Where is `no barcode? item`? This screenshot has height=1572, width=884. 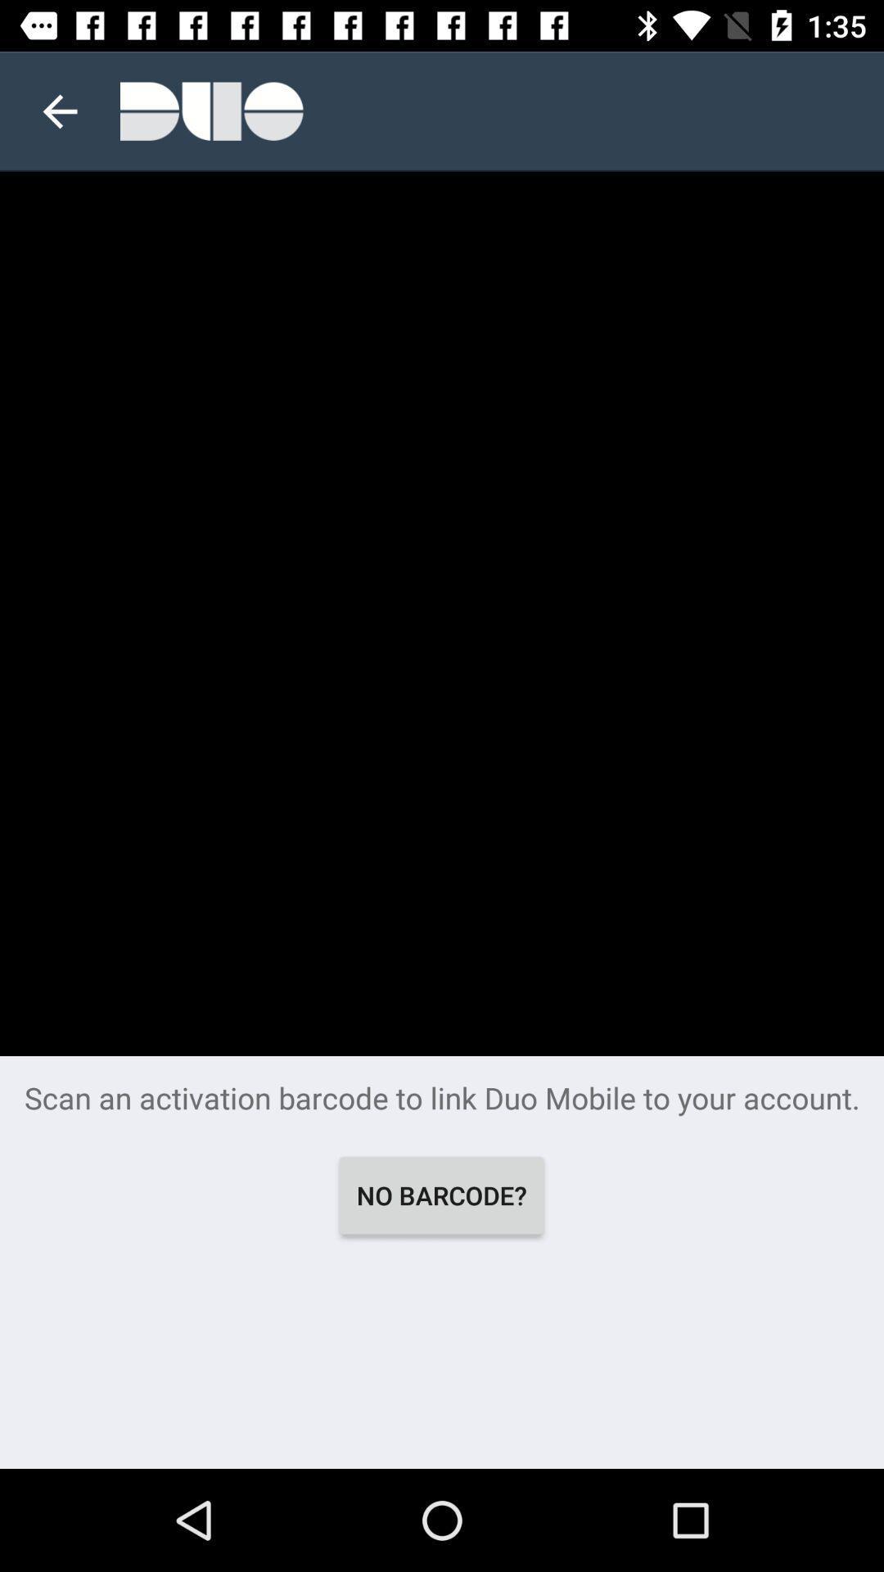
no barcode? item is located at coordinates (440, 1195).